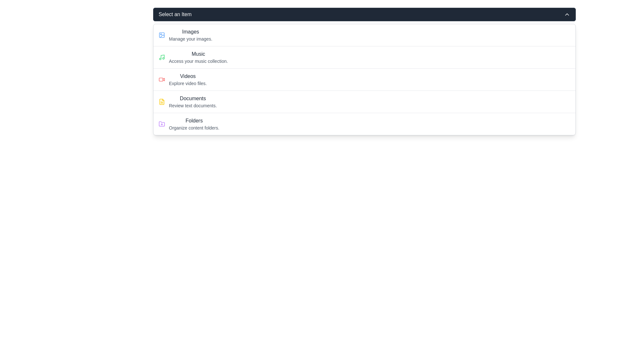  Describe the element at coordinates (364, 79) in the screenshot. I see `the third item in the vertical list of categories` at that location.